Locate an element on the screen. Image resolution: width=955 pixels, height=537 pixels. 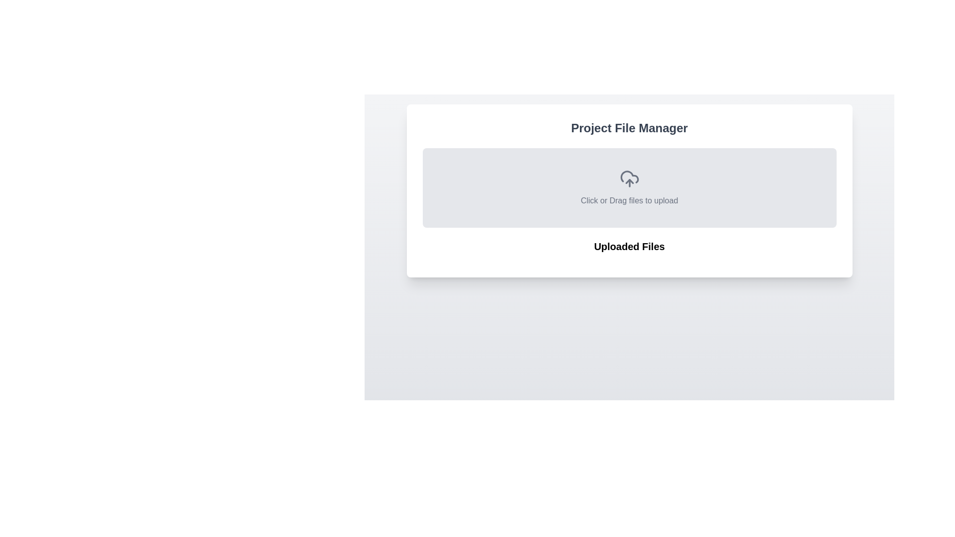
the bold text heading labeled 'Project File Manager', which is centrally positioned at the top of a card-like layout is located at coordinates (629, 128).